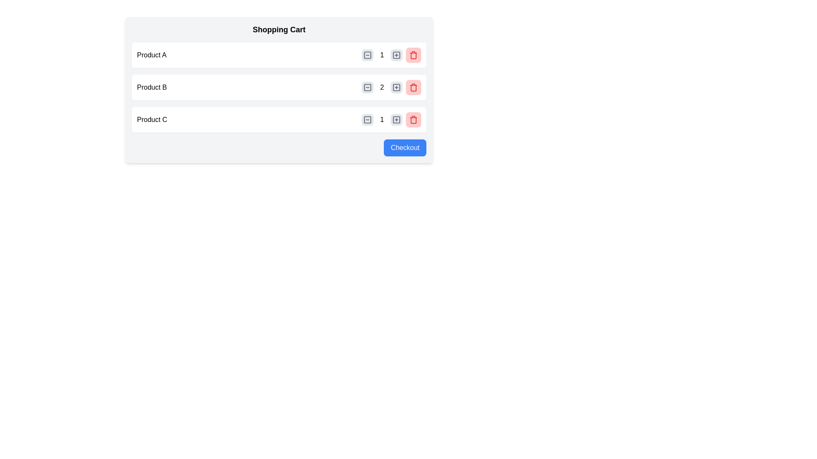  I want to click on the minus icon button with a dark-gray border and light-gray background to reduce the quantity of 'Product A' in the shopping cart interface, so click(368, 55).